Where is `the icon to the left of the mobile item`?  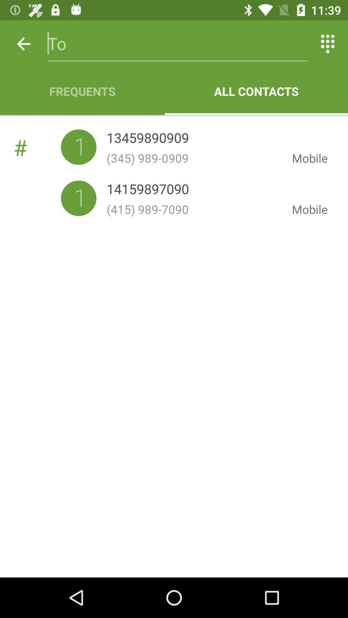
the icon to the left of the mobile item is located at coordinates (194, 209).